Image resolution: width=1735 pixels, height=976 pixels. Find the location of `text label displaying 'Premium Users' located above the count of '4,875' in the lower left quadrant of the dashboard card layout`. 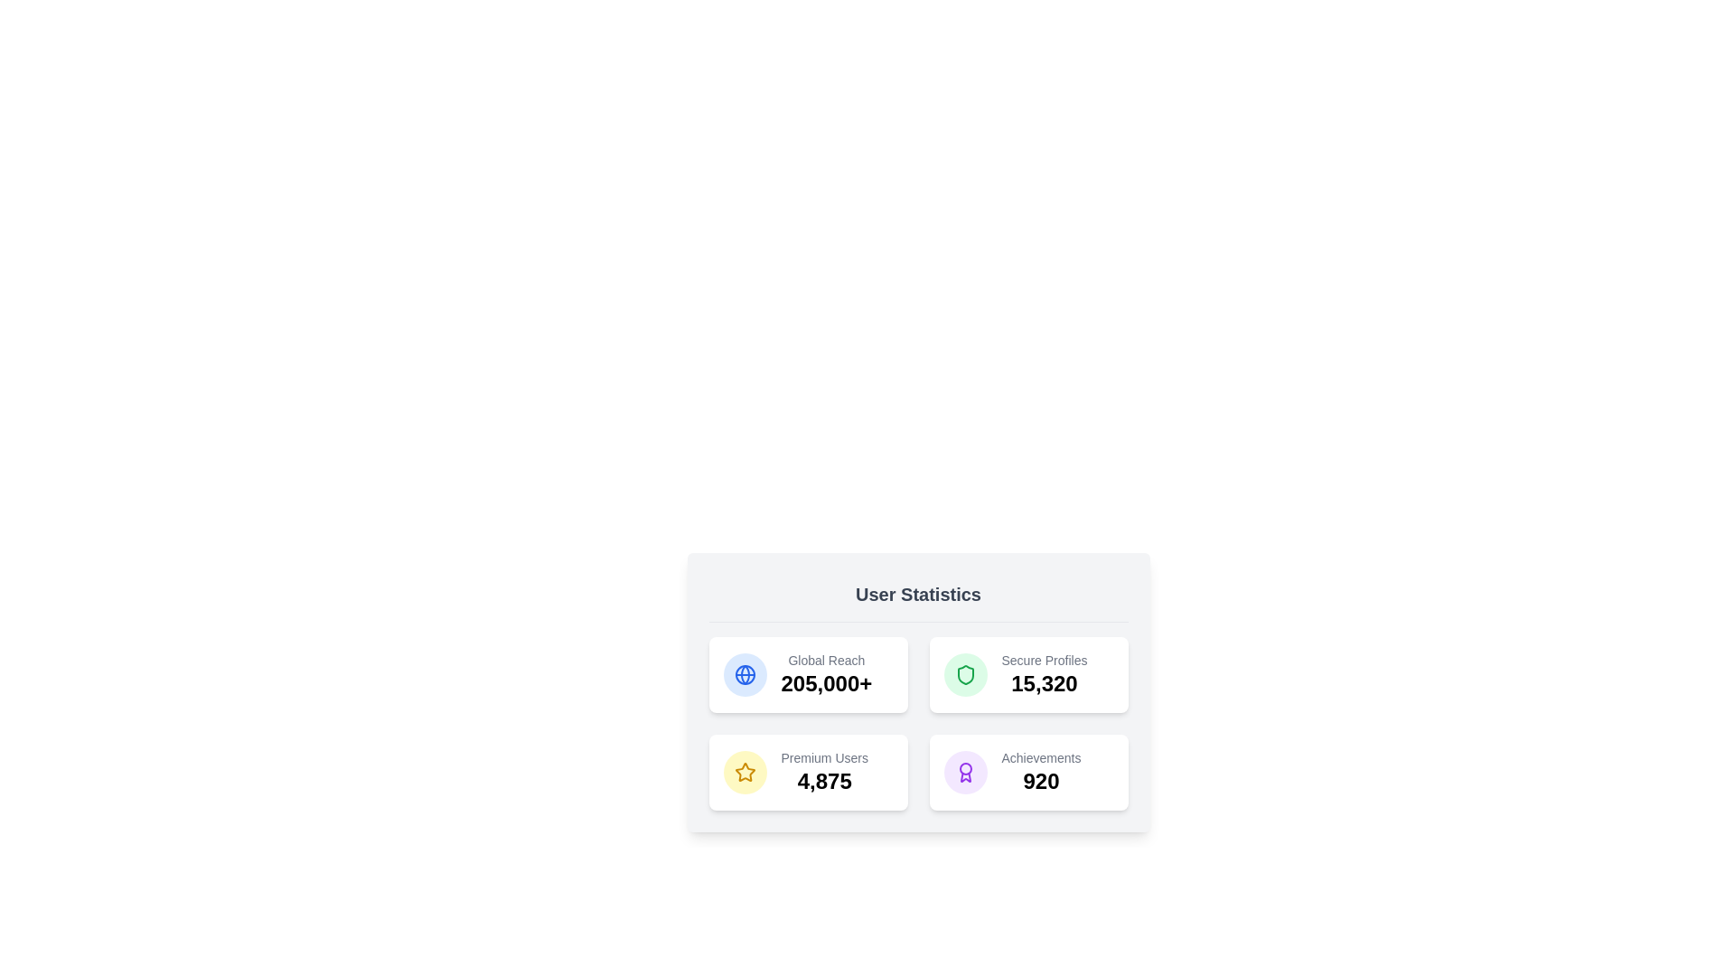

text label displaying 'Premium Users' located above the count of '4,875' in the lower left quadrant of the dashboard card layout is located at coordinates (823, 758).